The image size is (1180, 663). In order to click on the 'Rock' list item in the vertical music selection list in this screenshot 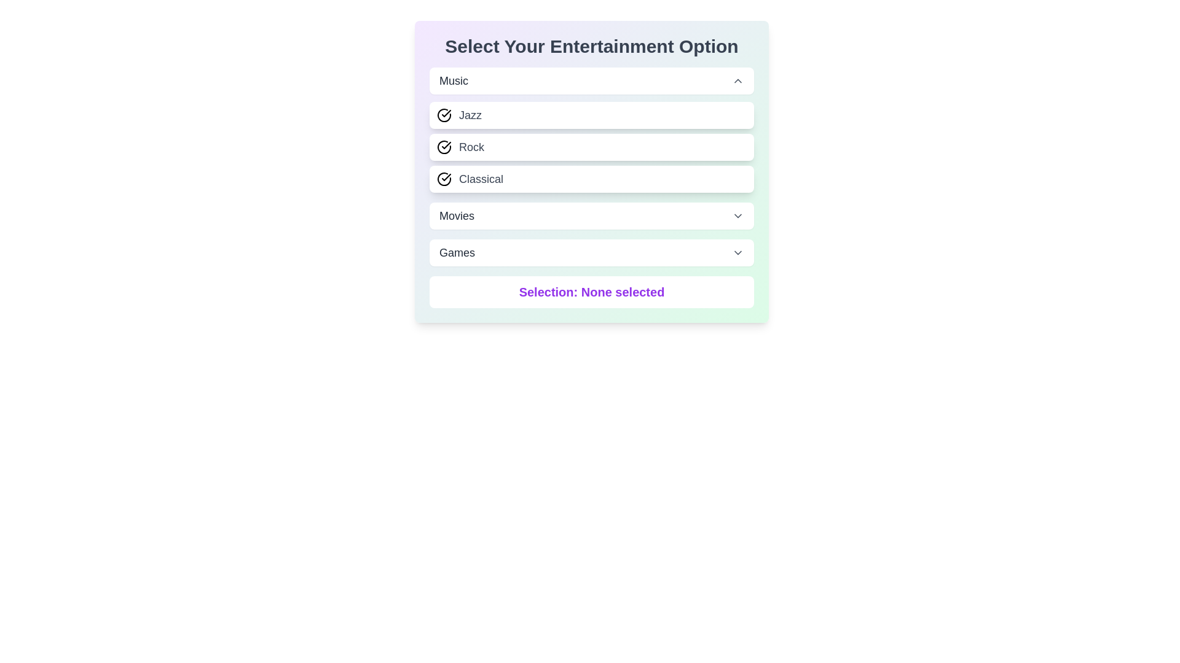, I will do `click(592, 146)`.